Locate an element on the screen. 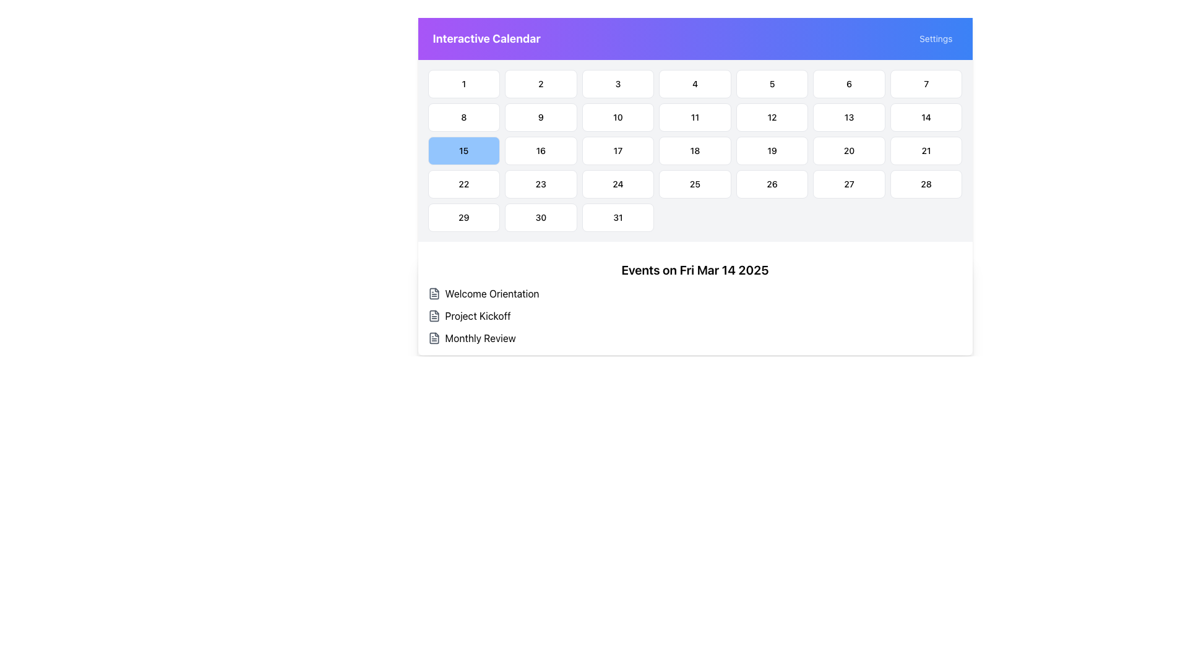 This screenshot has height=668, width=1188. the text element displaying '22' within the calendar cell is located at coordinates (463, 184).